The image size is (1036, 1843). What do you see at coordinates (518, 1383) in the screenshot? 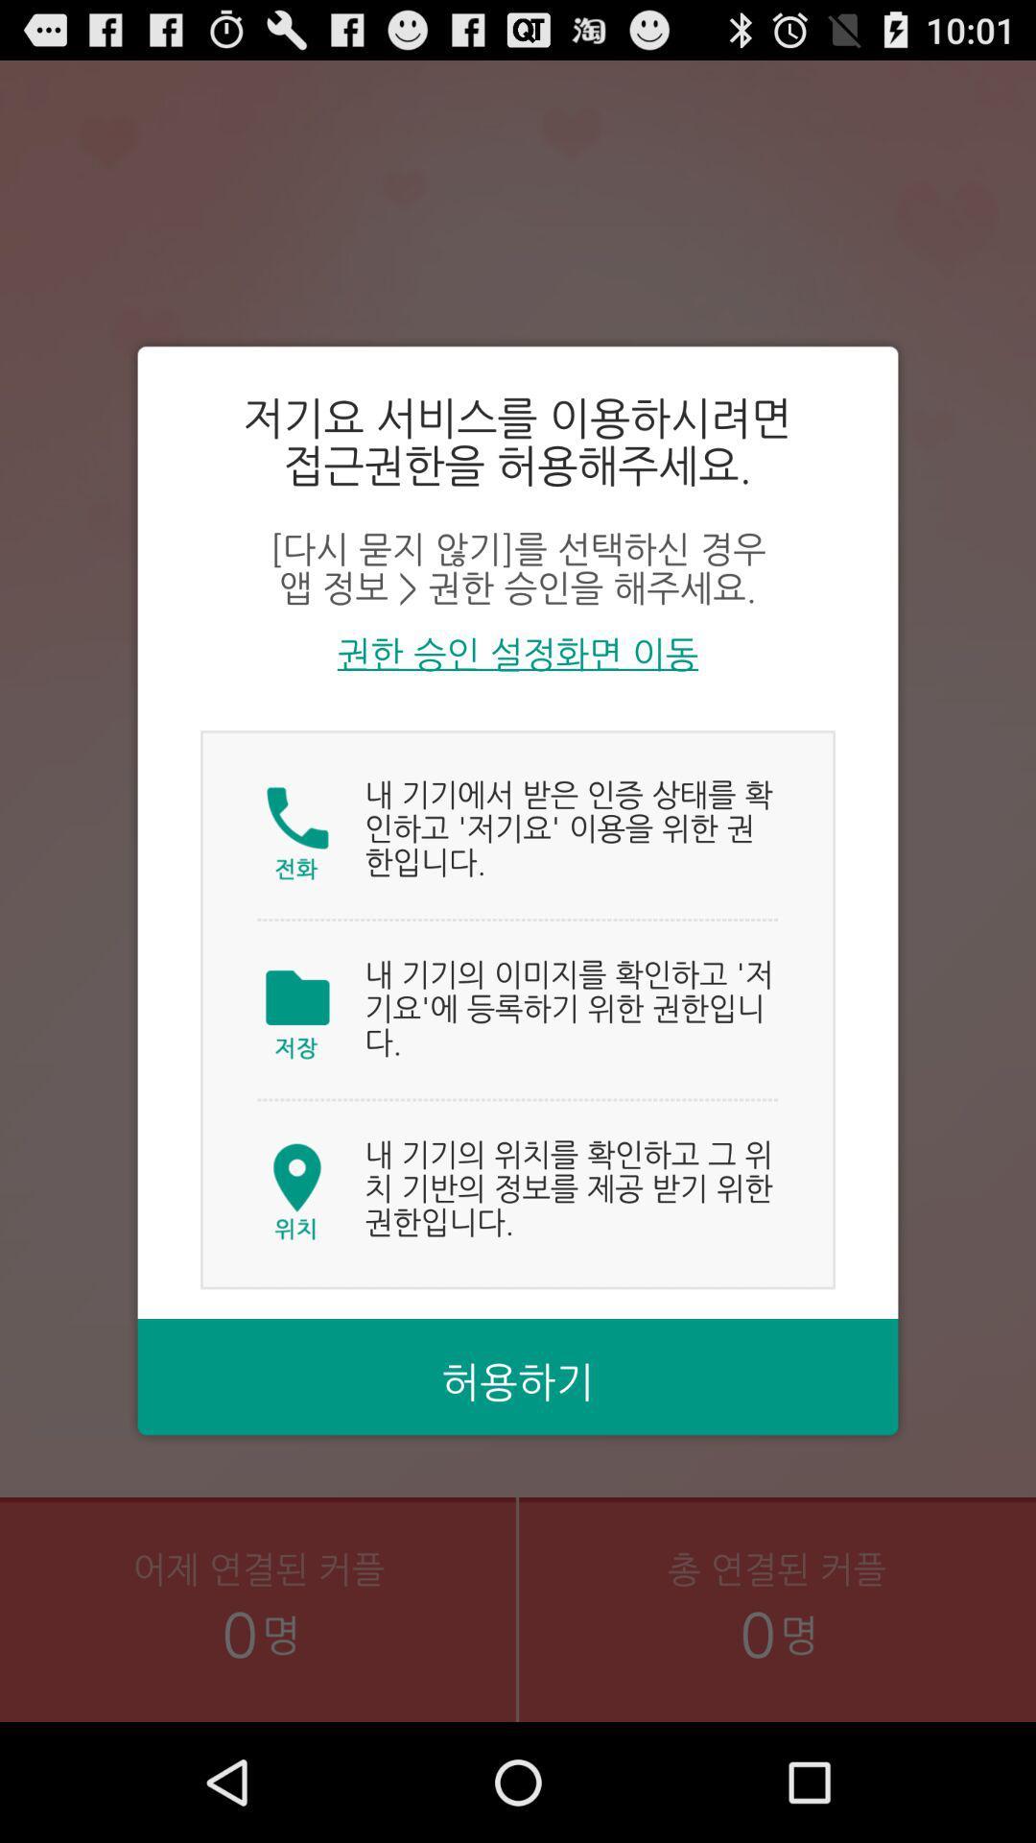
I see `item at the bottom` at bounding box center [518, 1383].